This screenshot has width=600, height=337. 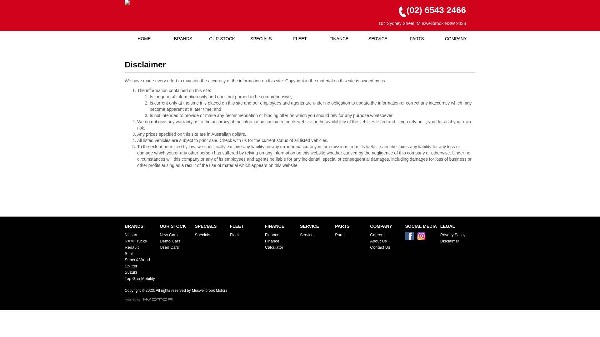 I want to click on 'Used Cars', so click(x=175, y=247).